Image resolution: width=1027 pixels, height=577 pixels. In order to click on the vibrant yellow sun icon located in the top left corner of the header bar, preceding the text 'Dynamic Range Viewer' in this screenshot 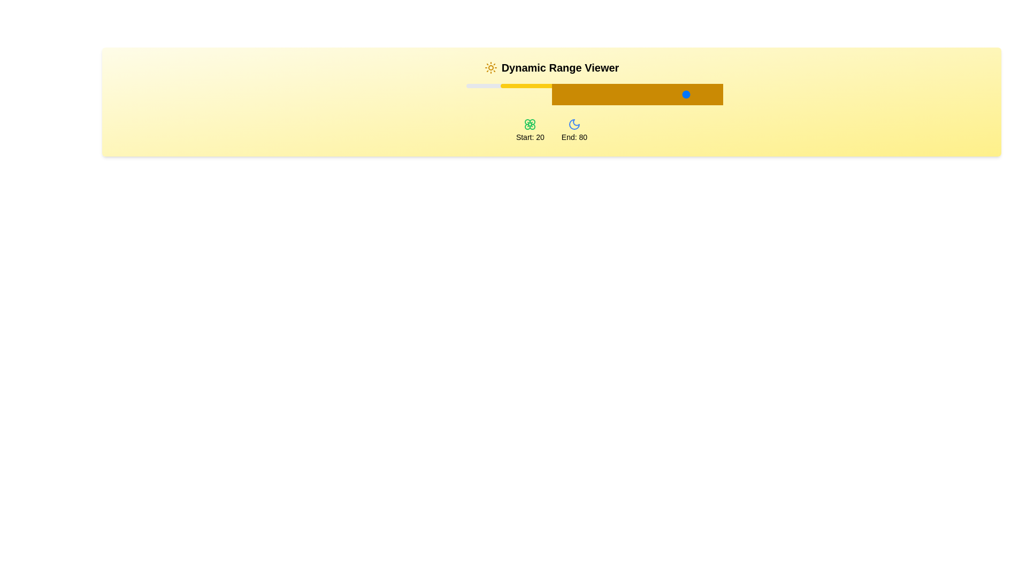, I will do `click(490, 68)`.